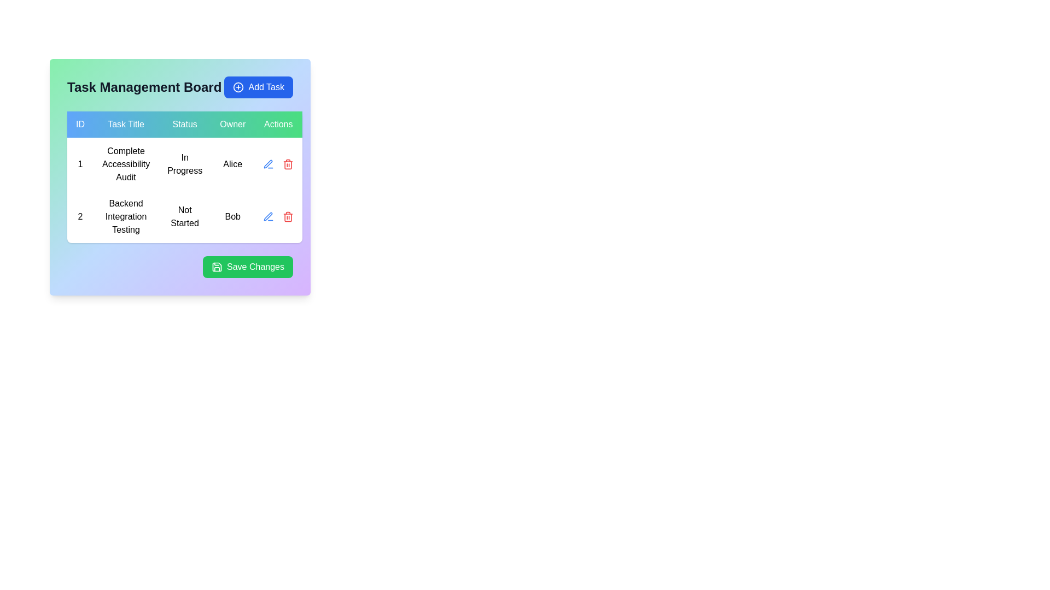 The height and width of the screenshot is (590, 1050). I want to click on the text label 'ID' which is styled with centered text alignment on a blue background, located at the top-left corner of the header row in a table-like structure, so click(80, 123).